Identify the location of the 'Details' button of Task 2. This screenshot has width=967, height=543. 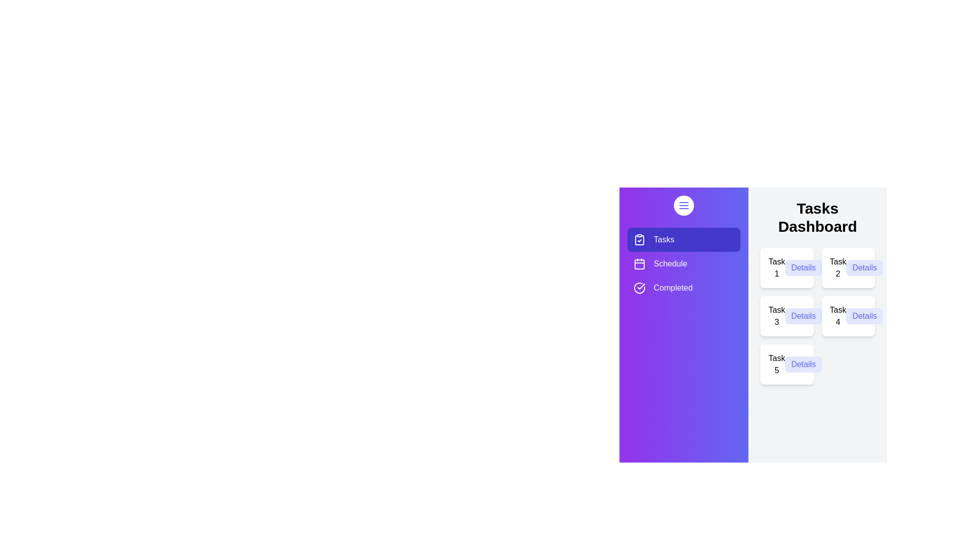
(864, 267).